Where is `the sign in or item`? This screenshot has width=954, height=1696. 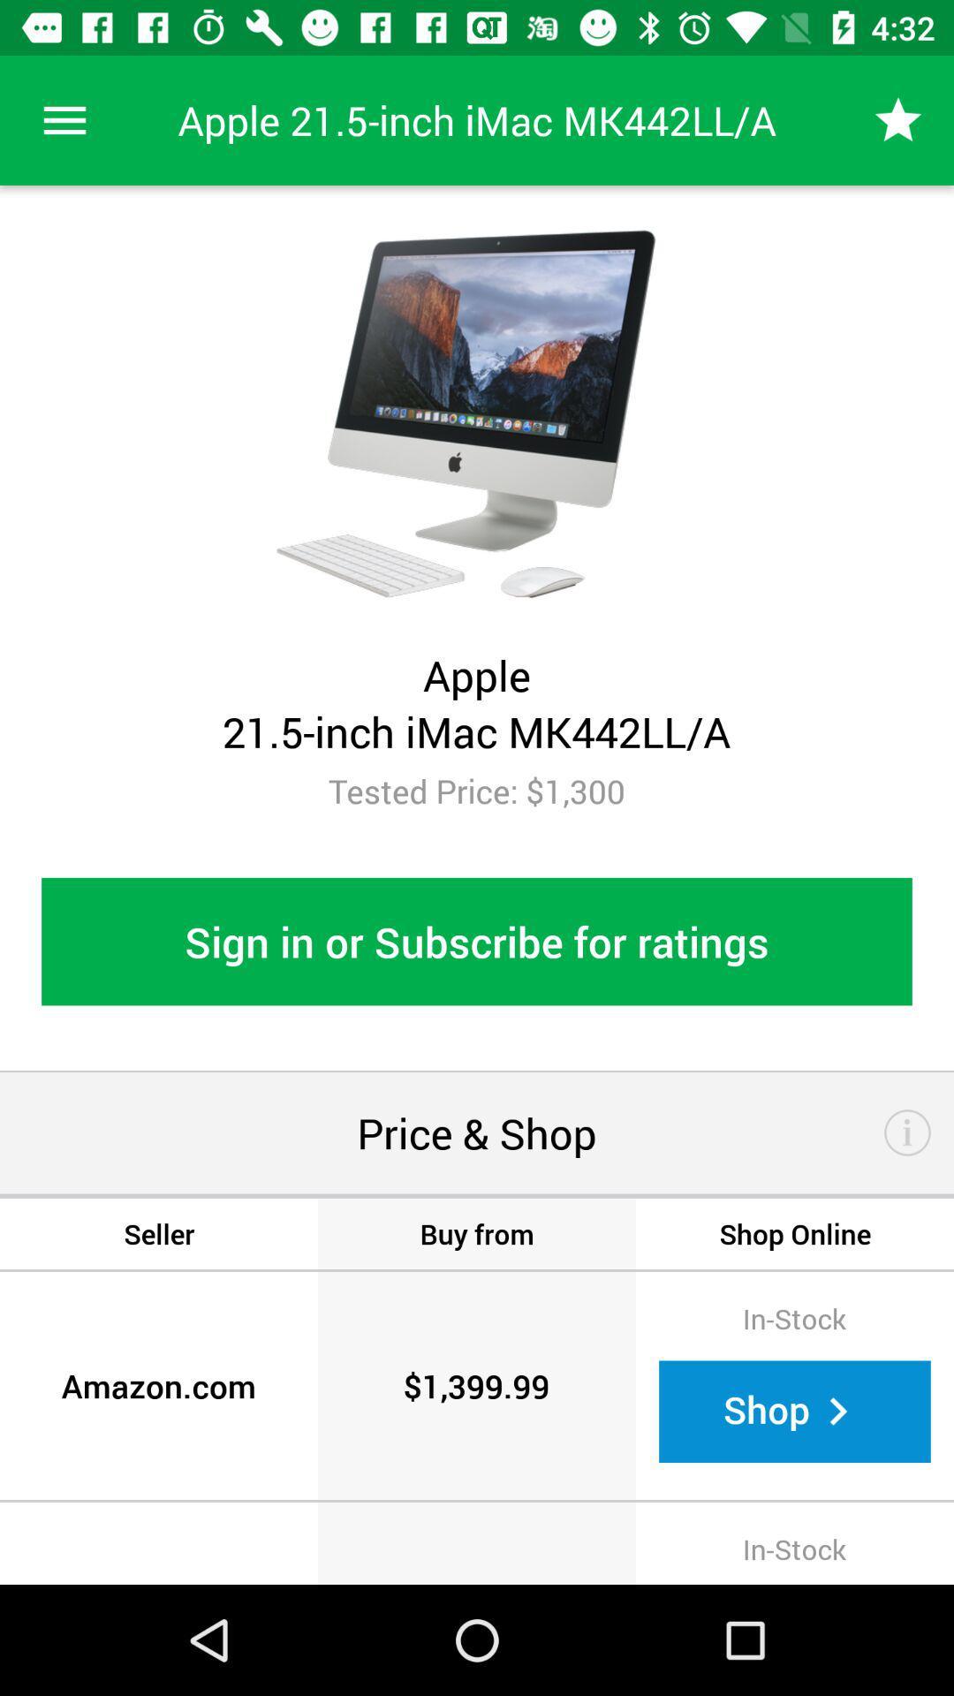
the sign in or item is located at coordinates (477, 941).